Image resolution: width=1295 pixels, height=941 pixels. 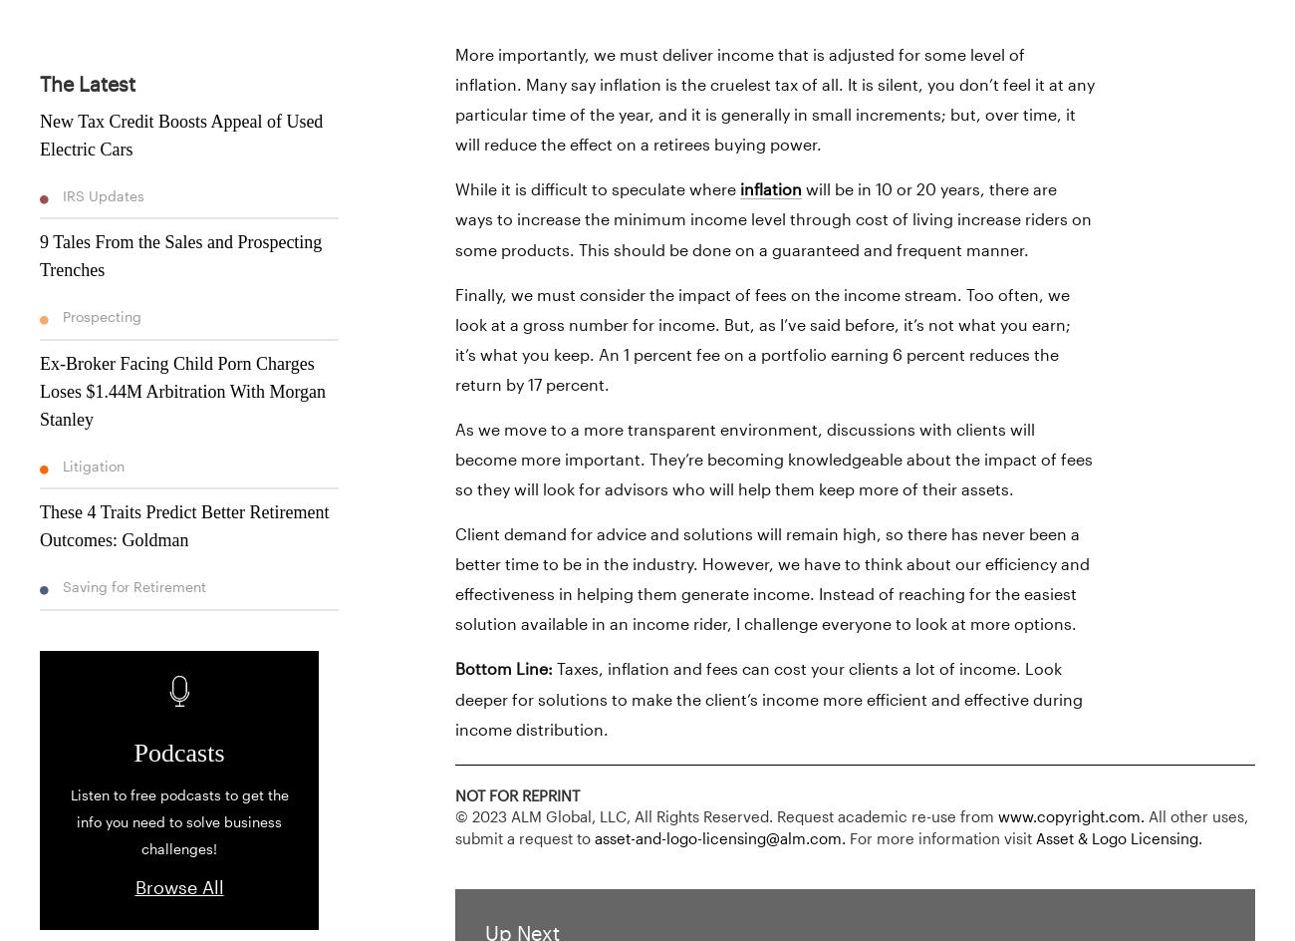 What do you see at coordinates (100, 315) in the screenshot?
I see `'Prospecting'` at bounding box center [100, 315].